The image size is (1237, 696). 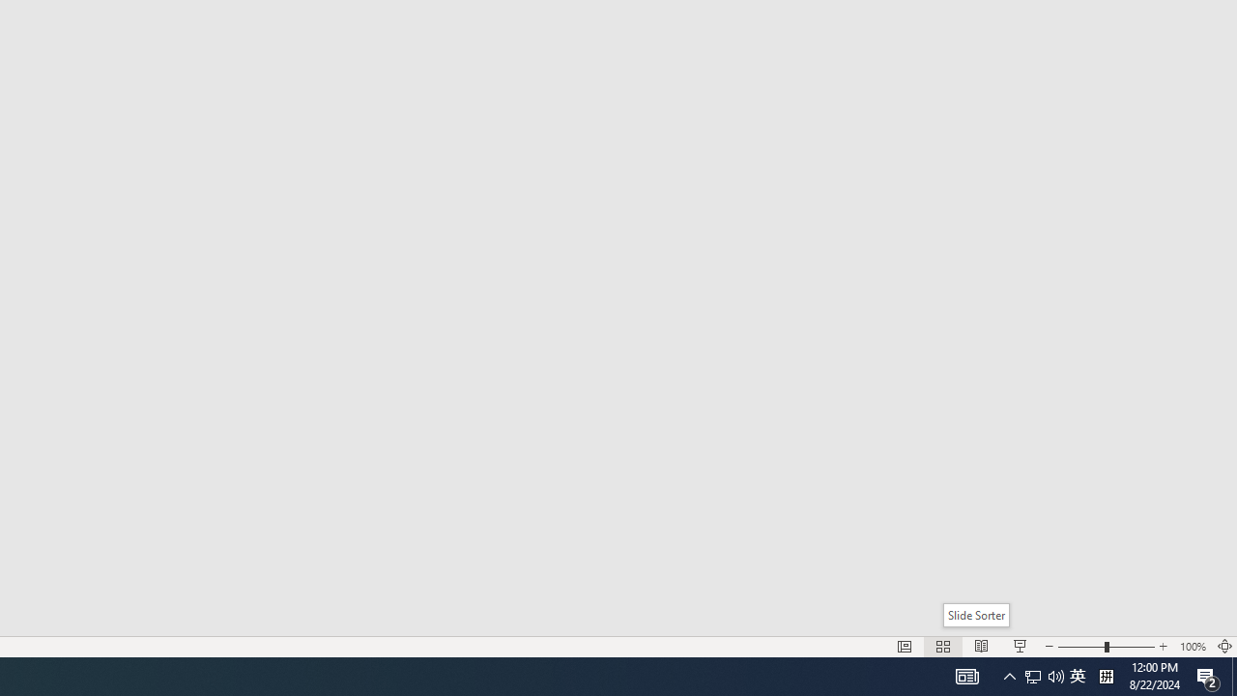 What do you see at coordinates (1192, 647) in the screenshot?
I see `'Zoom 100%'` at bounding box center [1192, 647].